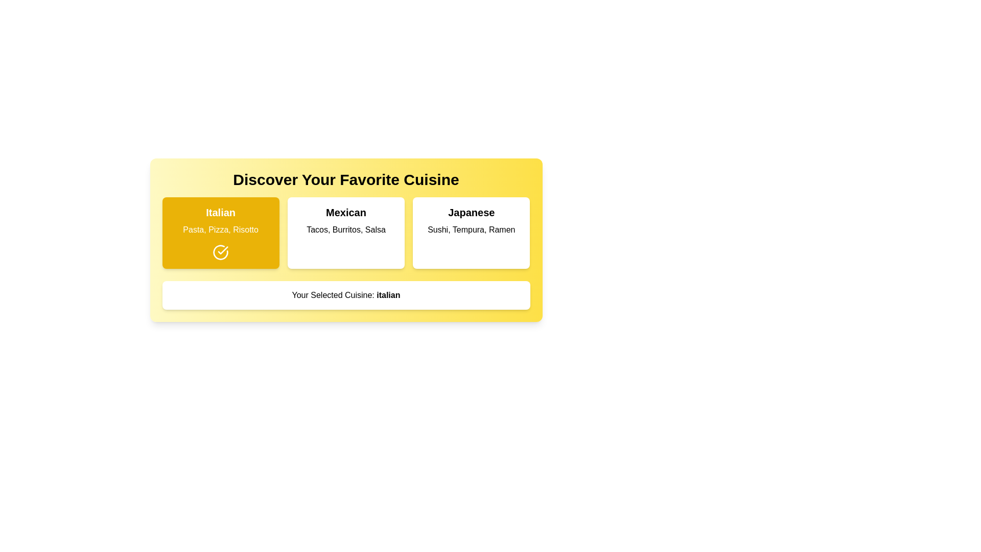  I want to click on the emphasized text element displaying 'Your Selected Cuisine: italian', which is located in the lower section of the interface, so click(388, 295).